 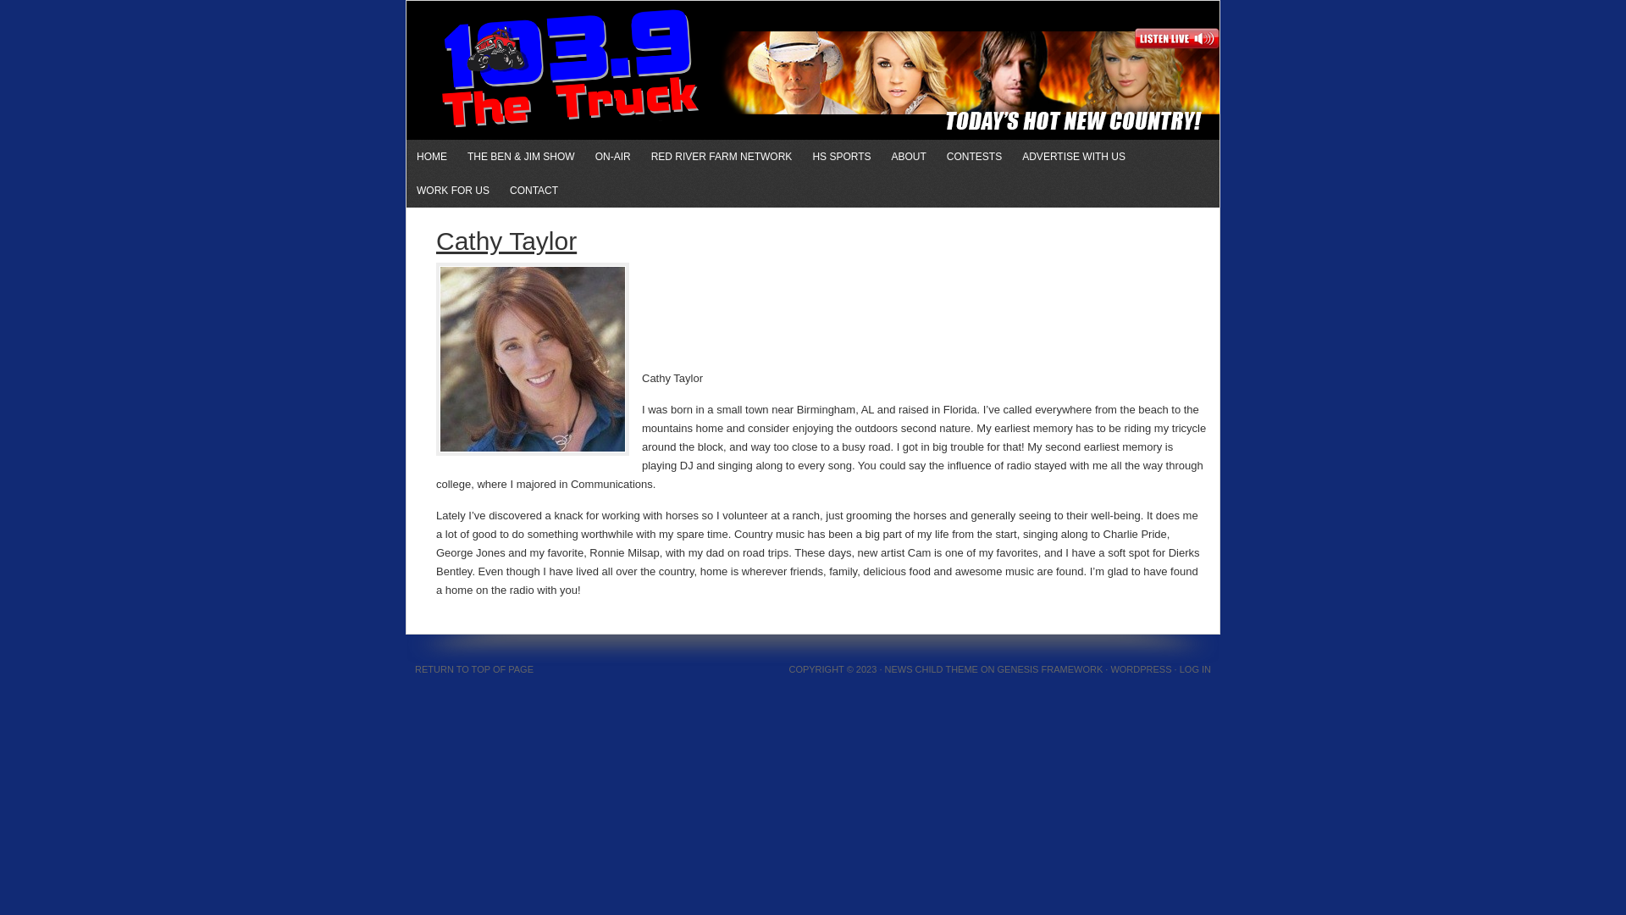 I want to click on 'ADVERTISE WITH US', so click(x=1072, y=157).